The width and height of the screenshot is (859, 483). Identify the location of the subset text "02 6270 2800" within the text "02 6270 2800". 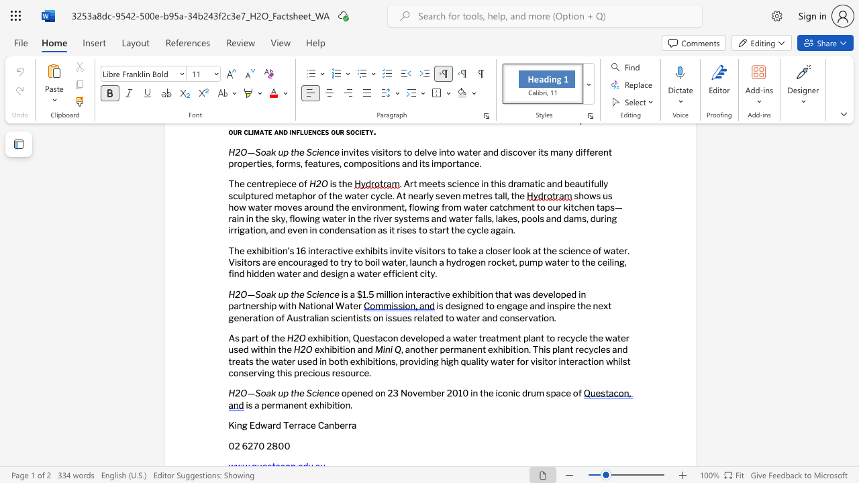
(228, 445).